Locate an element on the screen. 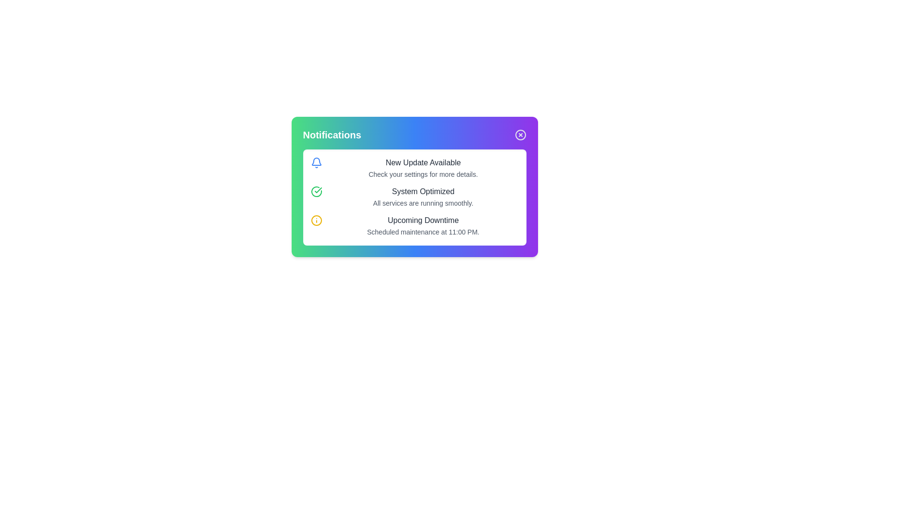  the information icon, which is a circular yellow outlined icon with a vertical line, located to the left of the text 'Upcoming Downtime' is located at coordinates (316, 221).